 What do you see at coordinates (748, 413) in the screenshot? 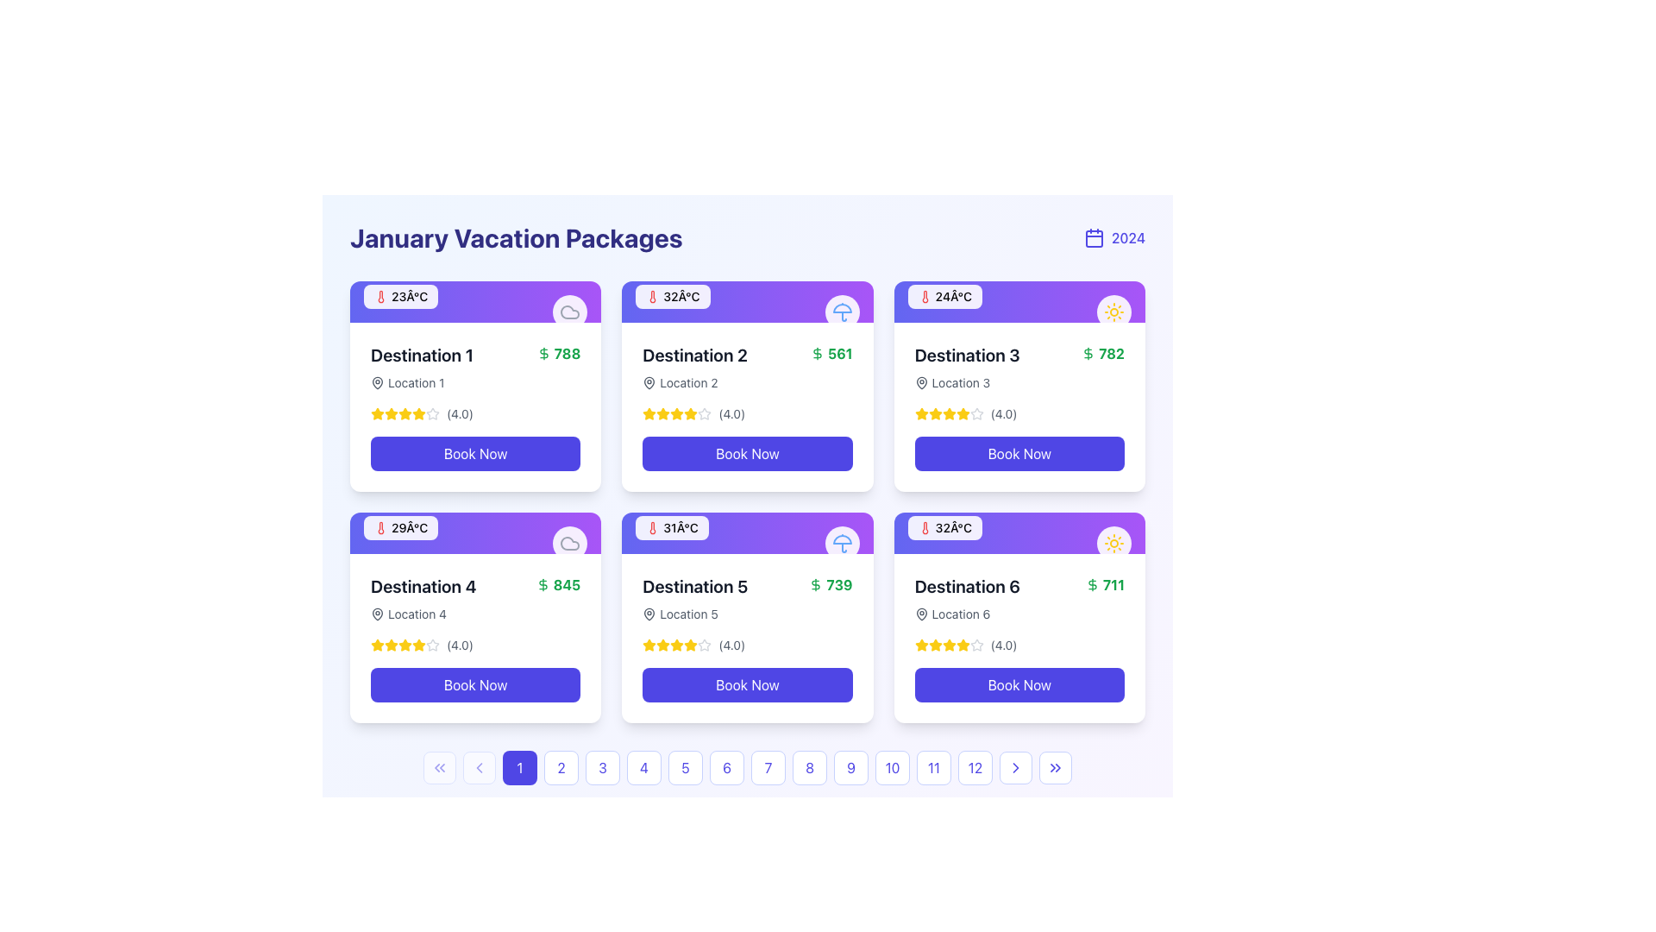
I see `the stars in the rating display located in the second card titled 'Destination 2'` at bounding box center [748, 413].